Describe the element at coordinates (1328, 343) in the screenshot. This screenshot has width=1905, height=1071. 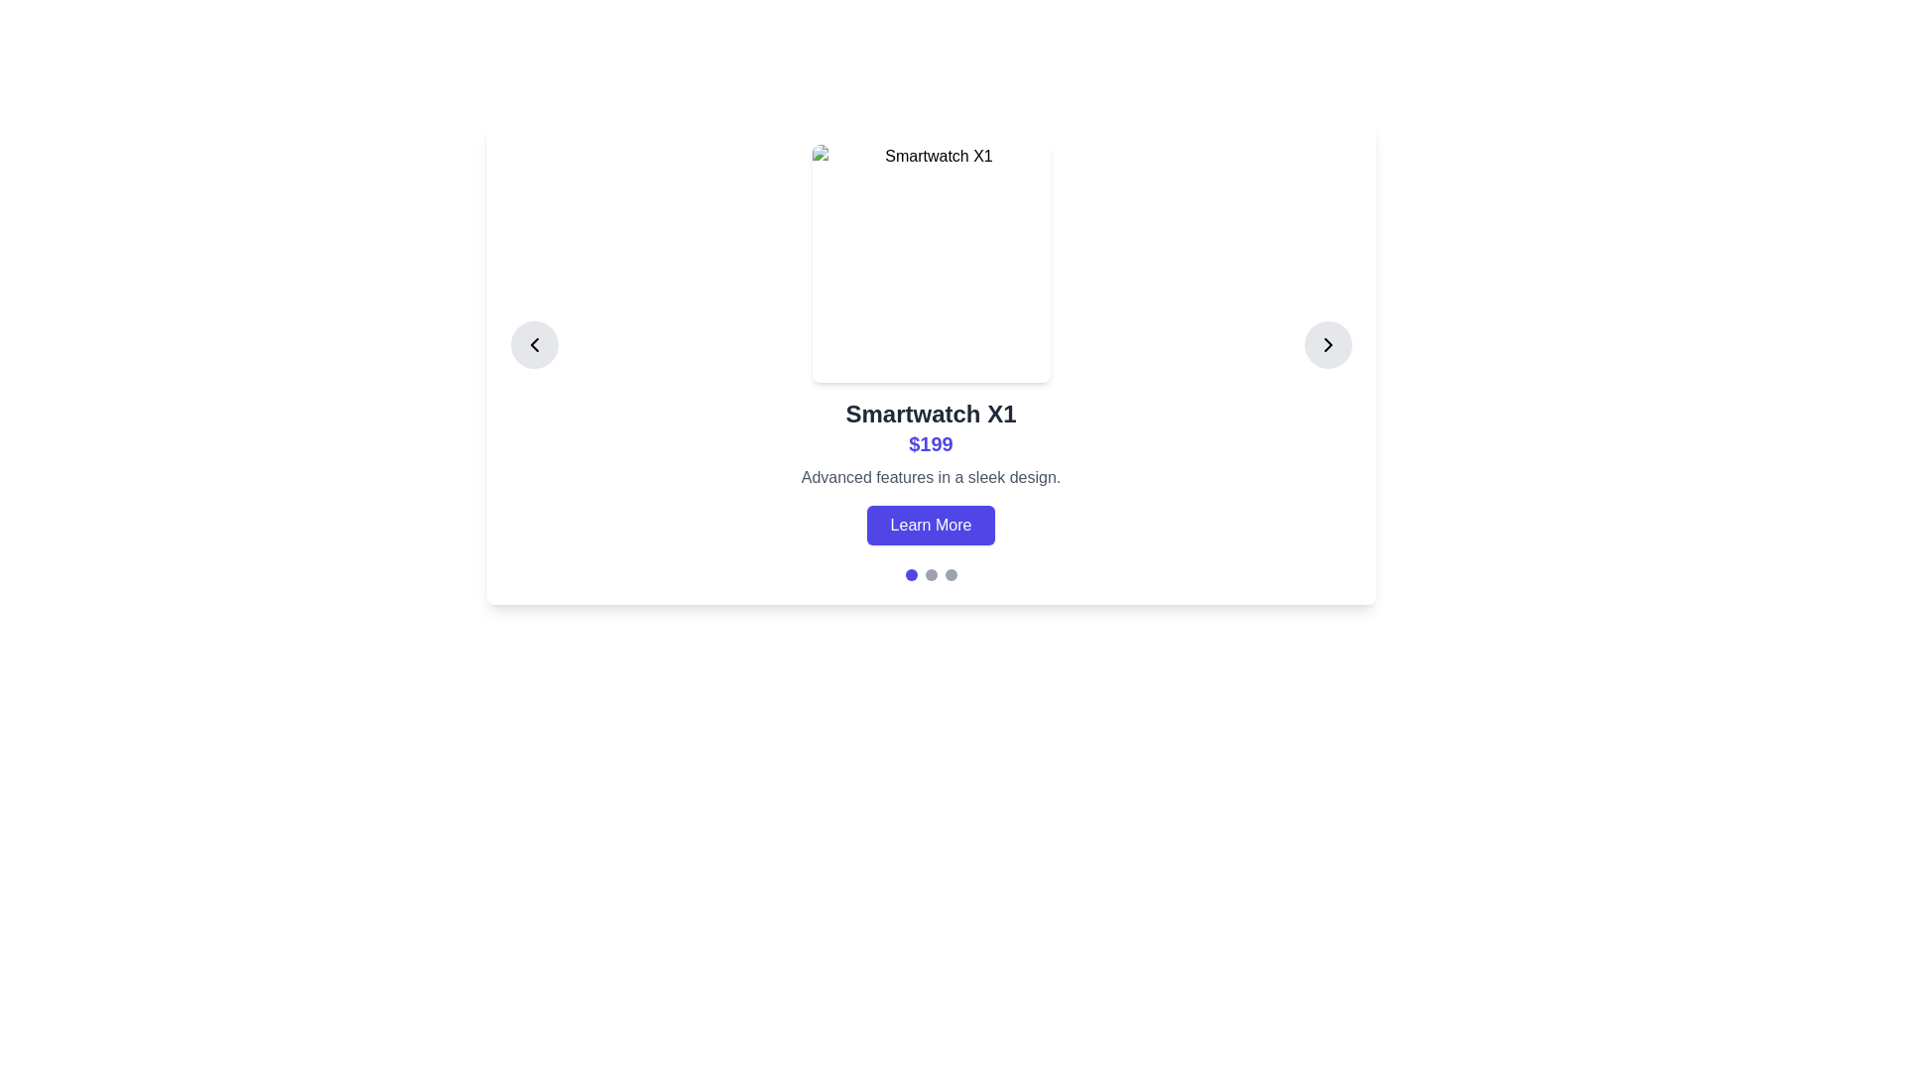
I see `the rightward-pointing chevron arrow icon embedded in the circular button` at that location.